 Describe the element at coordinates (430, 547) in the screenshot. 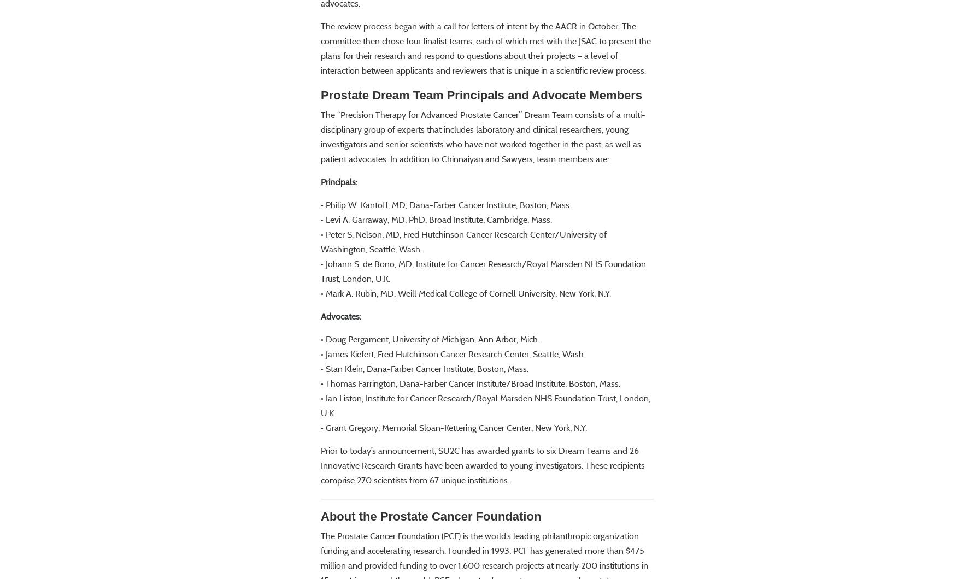

I see `'About the Prostate Cancer Foundation'` at that location.